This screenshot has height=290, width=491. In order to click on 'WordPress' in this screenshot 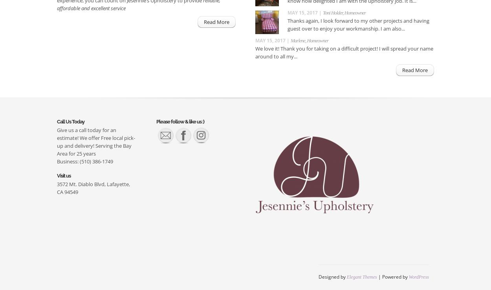, I will do `click(418, 276)`.